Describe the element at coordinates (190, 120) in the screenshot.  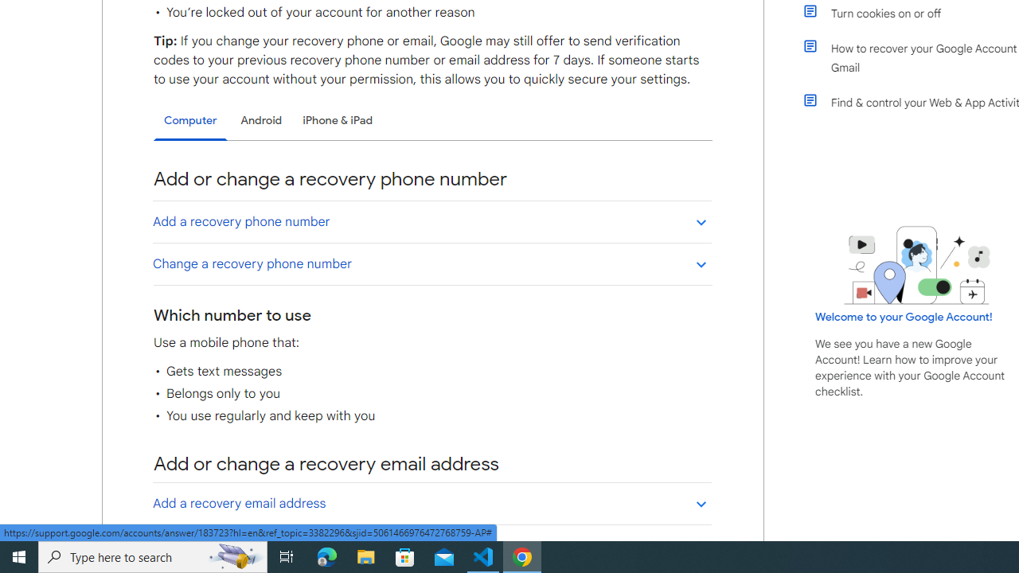
I see `'Computer'` at that location.